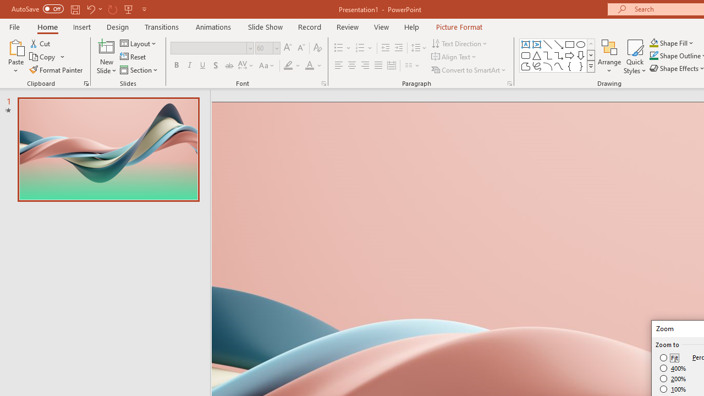 The height and width of the screenshot is (396, 704). What do you see at coordinates (459, 26) in the screenshot?
I see `'Picture Format'` at bounding box center [459, 26].